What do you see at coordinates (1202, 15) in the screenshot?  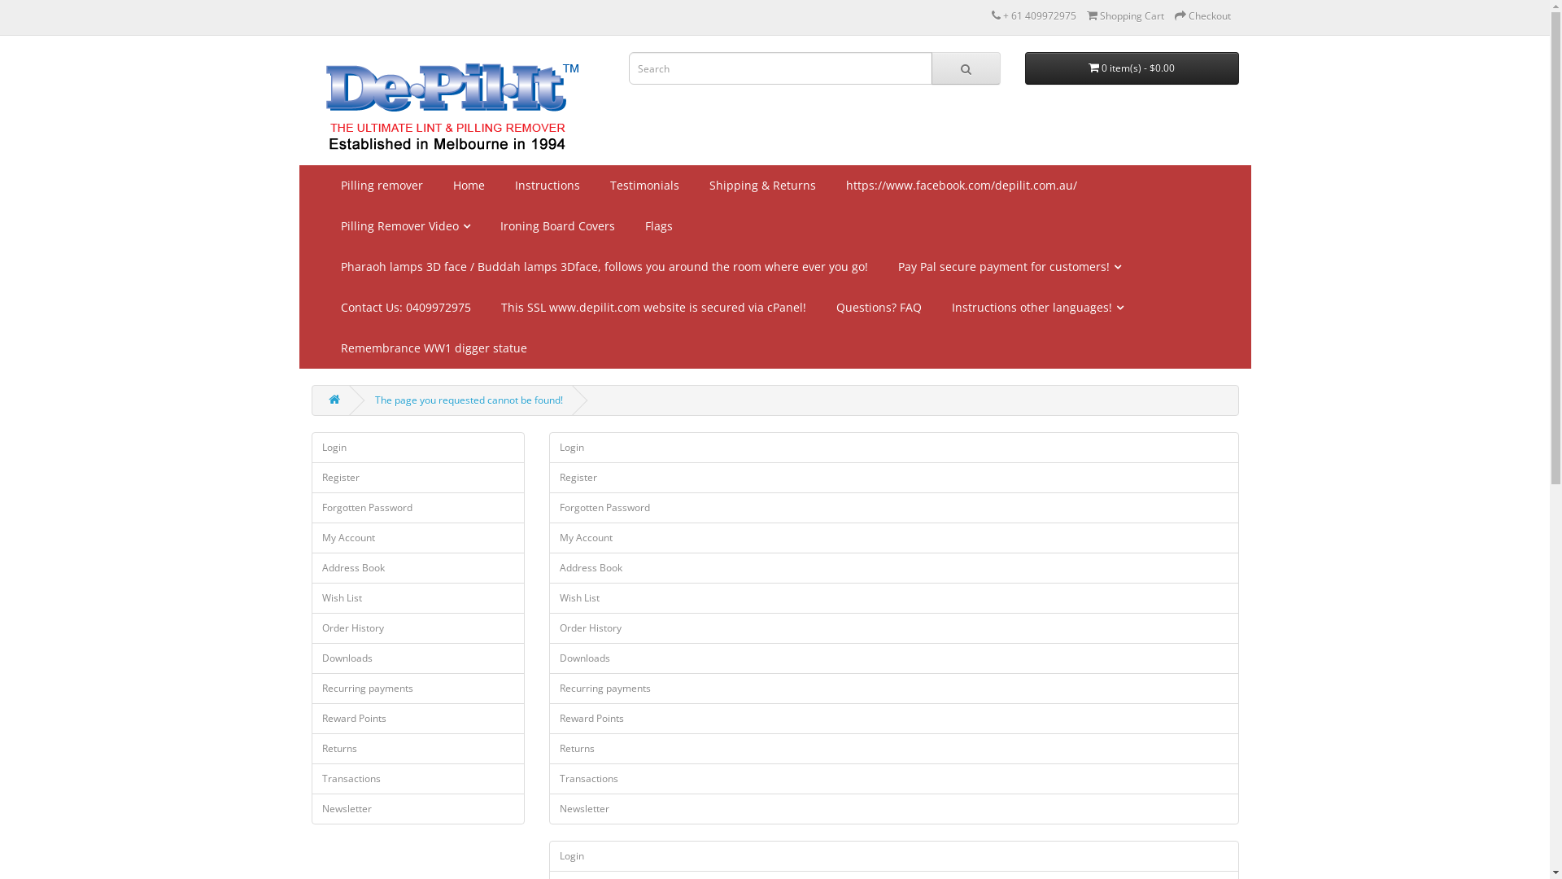 I see `'Checkout'` at bounding box center [1202, 15].